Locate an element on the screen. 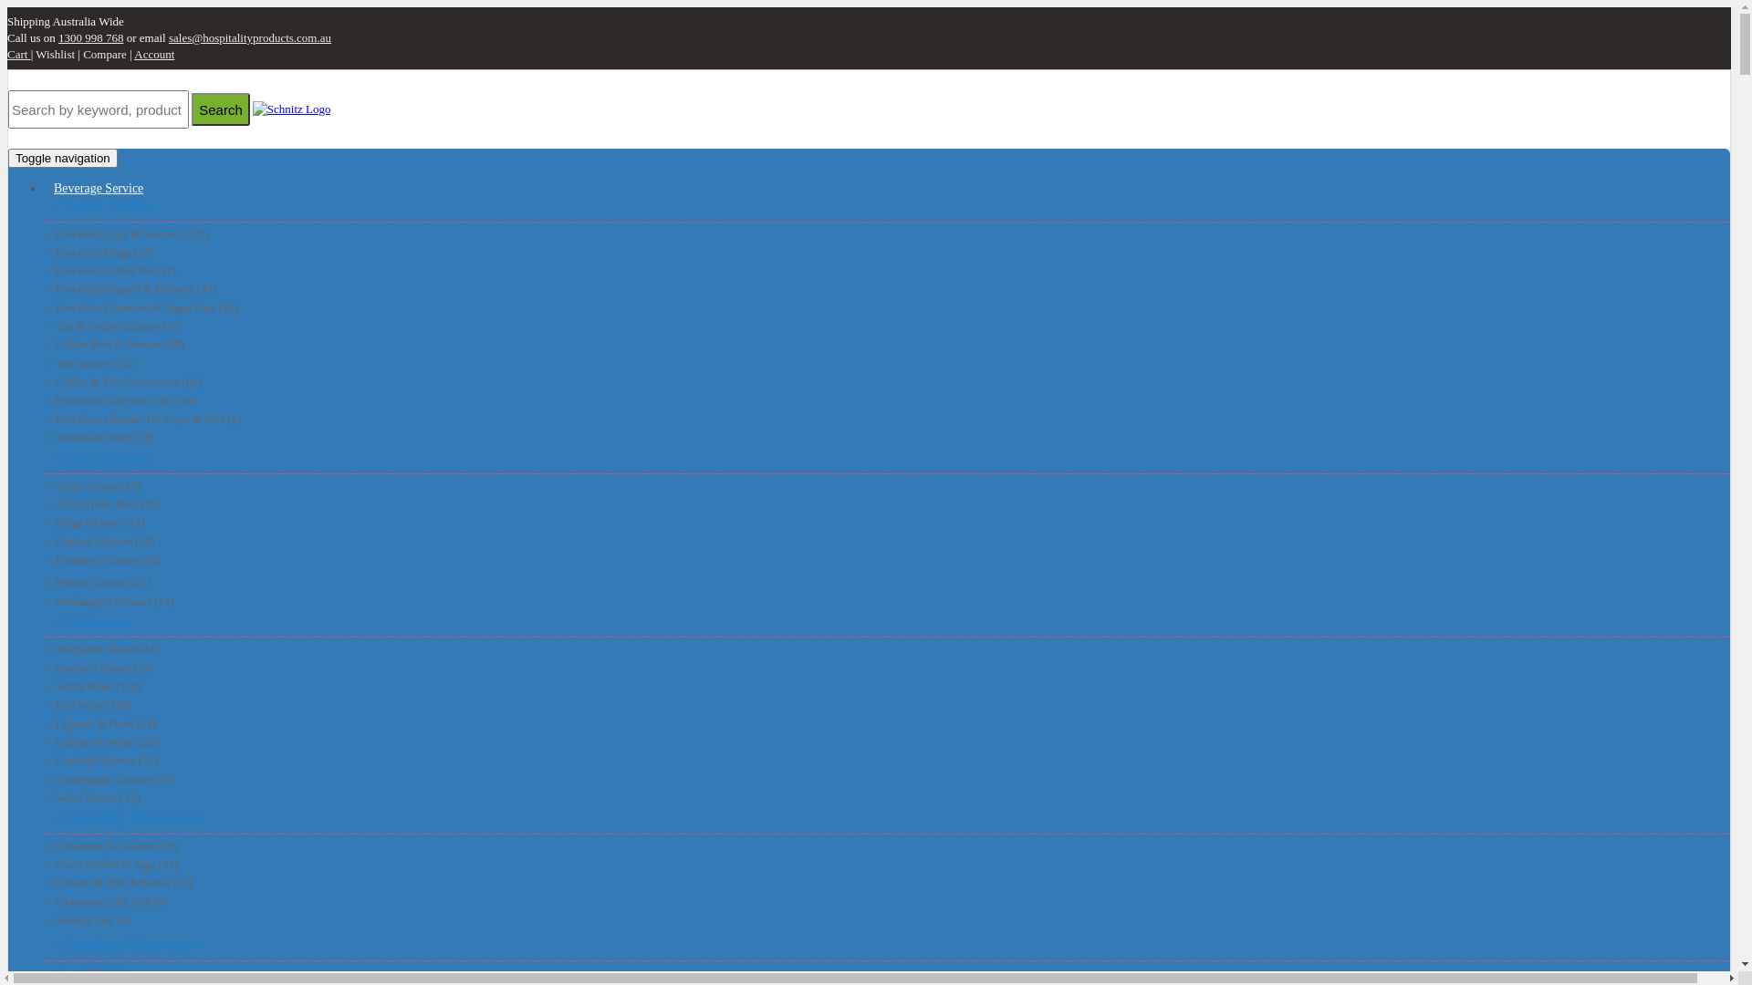 The height and width of the screenshot is (985, 1752). 'Stoneware Mugs (3)' is located at coordinates (47, 437).